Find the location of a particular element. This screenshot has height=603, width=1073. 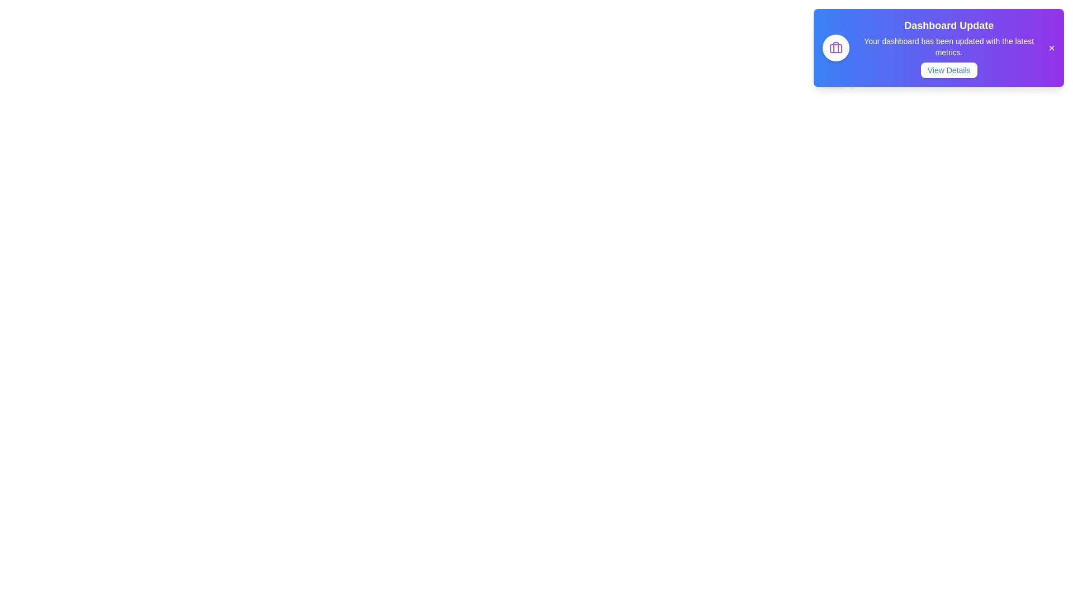

the notification icon to interact with it is located at coordinates (836, 47).